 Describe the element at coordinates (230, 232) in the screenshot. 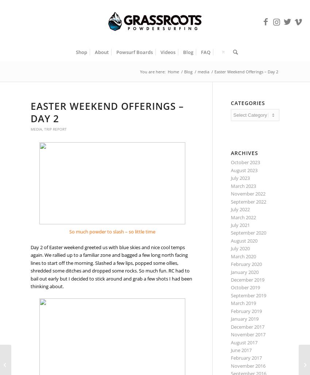

I see `'September 2020'` at that location.